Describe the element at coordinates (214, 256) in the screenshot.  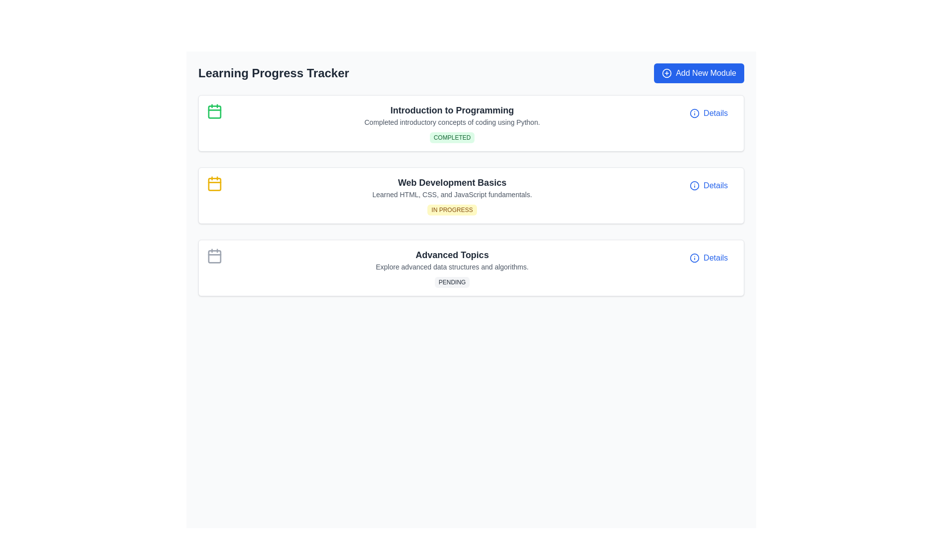
I see `the third calendar icon representing the 'Pending' status of the 'Advanced Topics' module, located at the left of the module's title` at that location.